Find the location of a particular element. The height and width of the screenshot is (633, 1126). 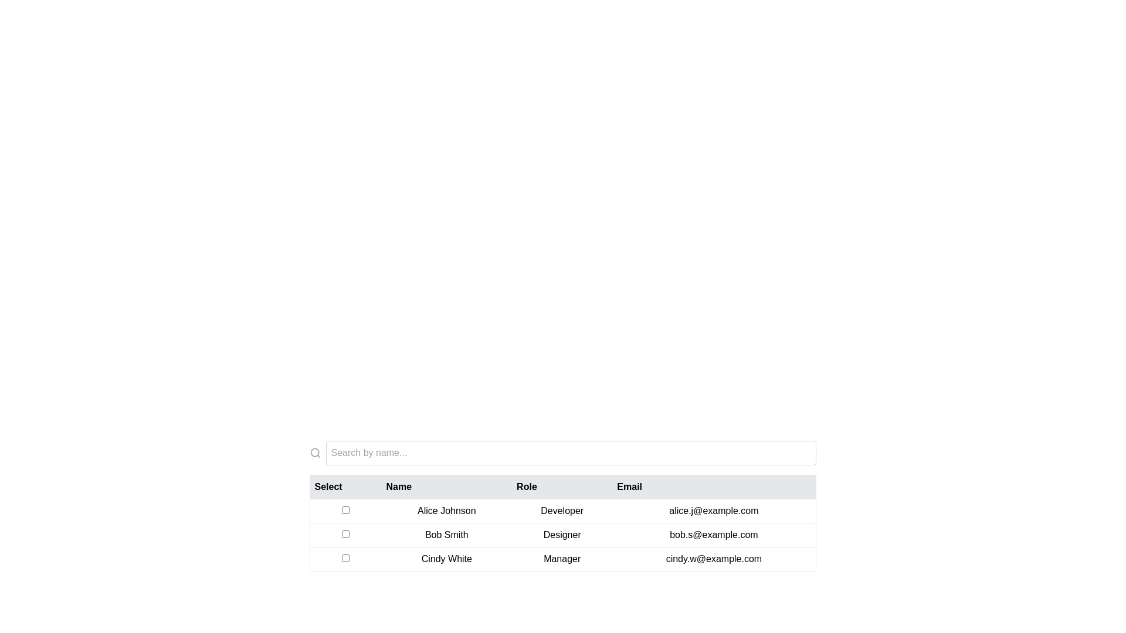

the checkbox for 'Bob Smith' is located at coordinates (345, 534).